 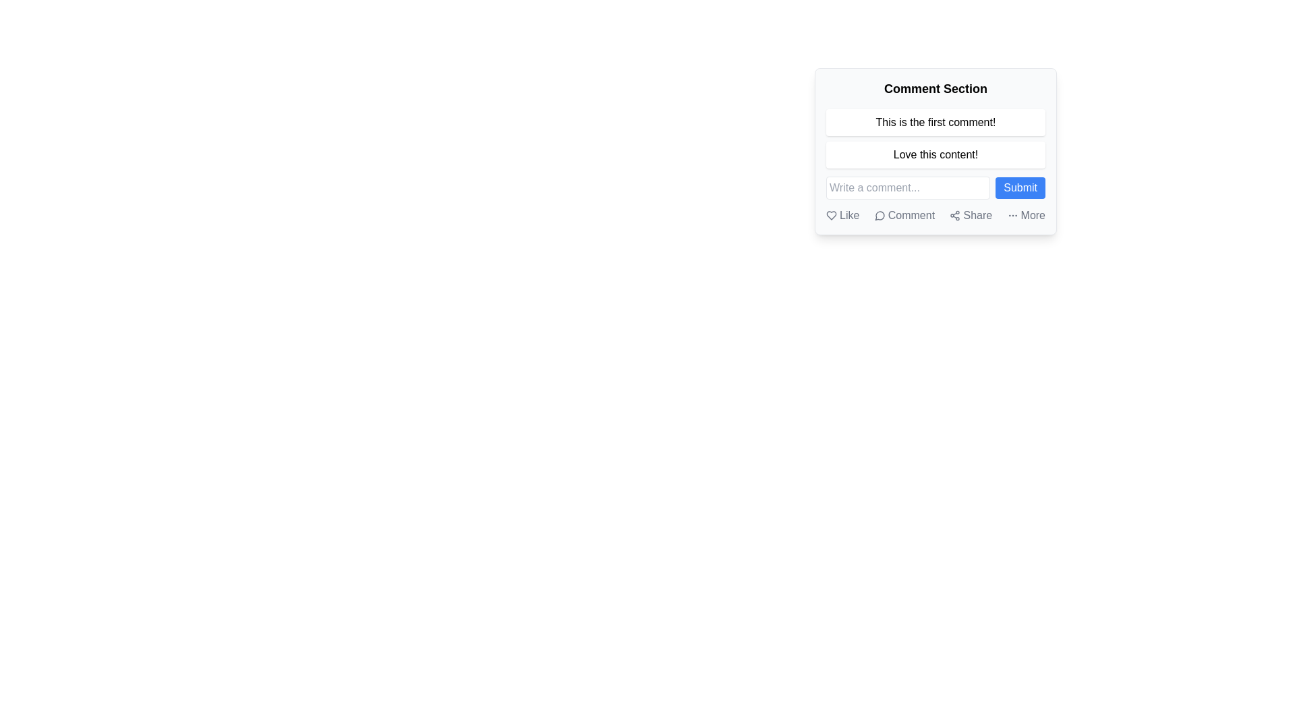 What do you see at coordinates (935, 154) in the screenshot?
I see `the rectangular text box displaying 'Love this content!' with a white background and rounded corners, located in the comment section` at bounding box center [935, 154].